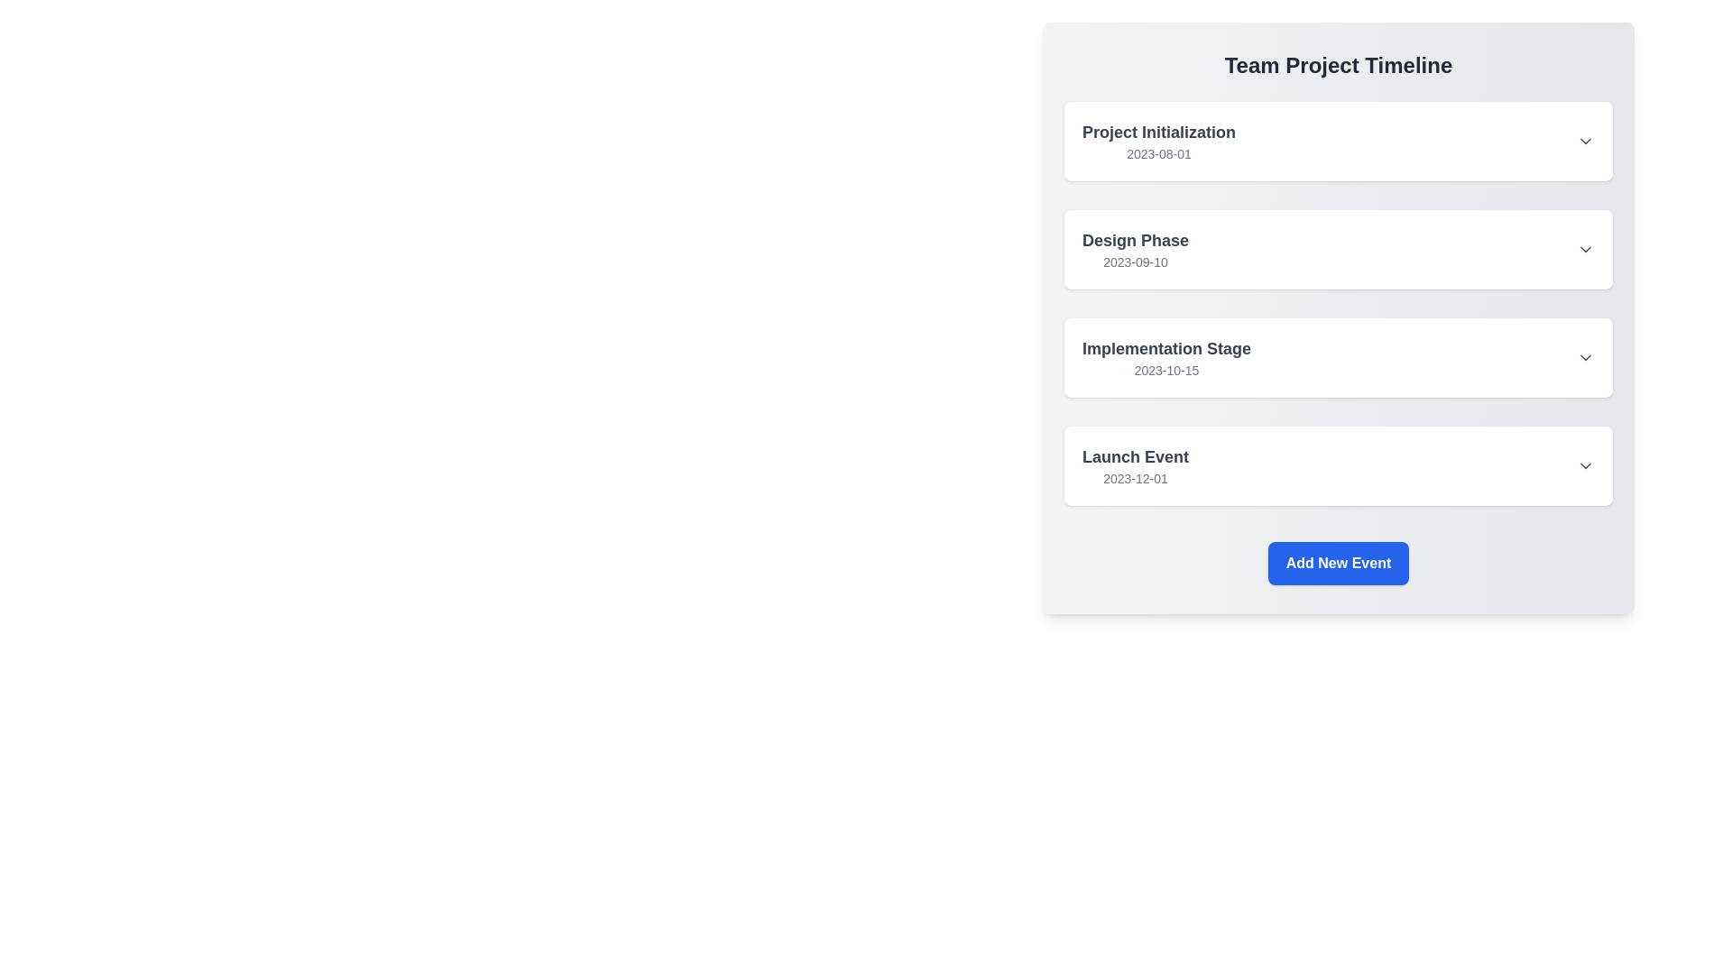  I want to click on the text label displaying 'Project Initialization' at the top of the card layout, so click(1159, 131).